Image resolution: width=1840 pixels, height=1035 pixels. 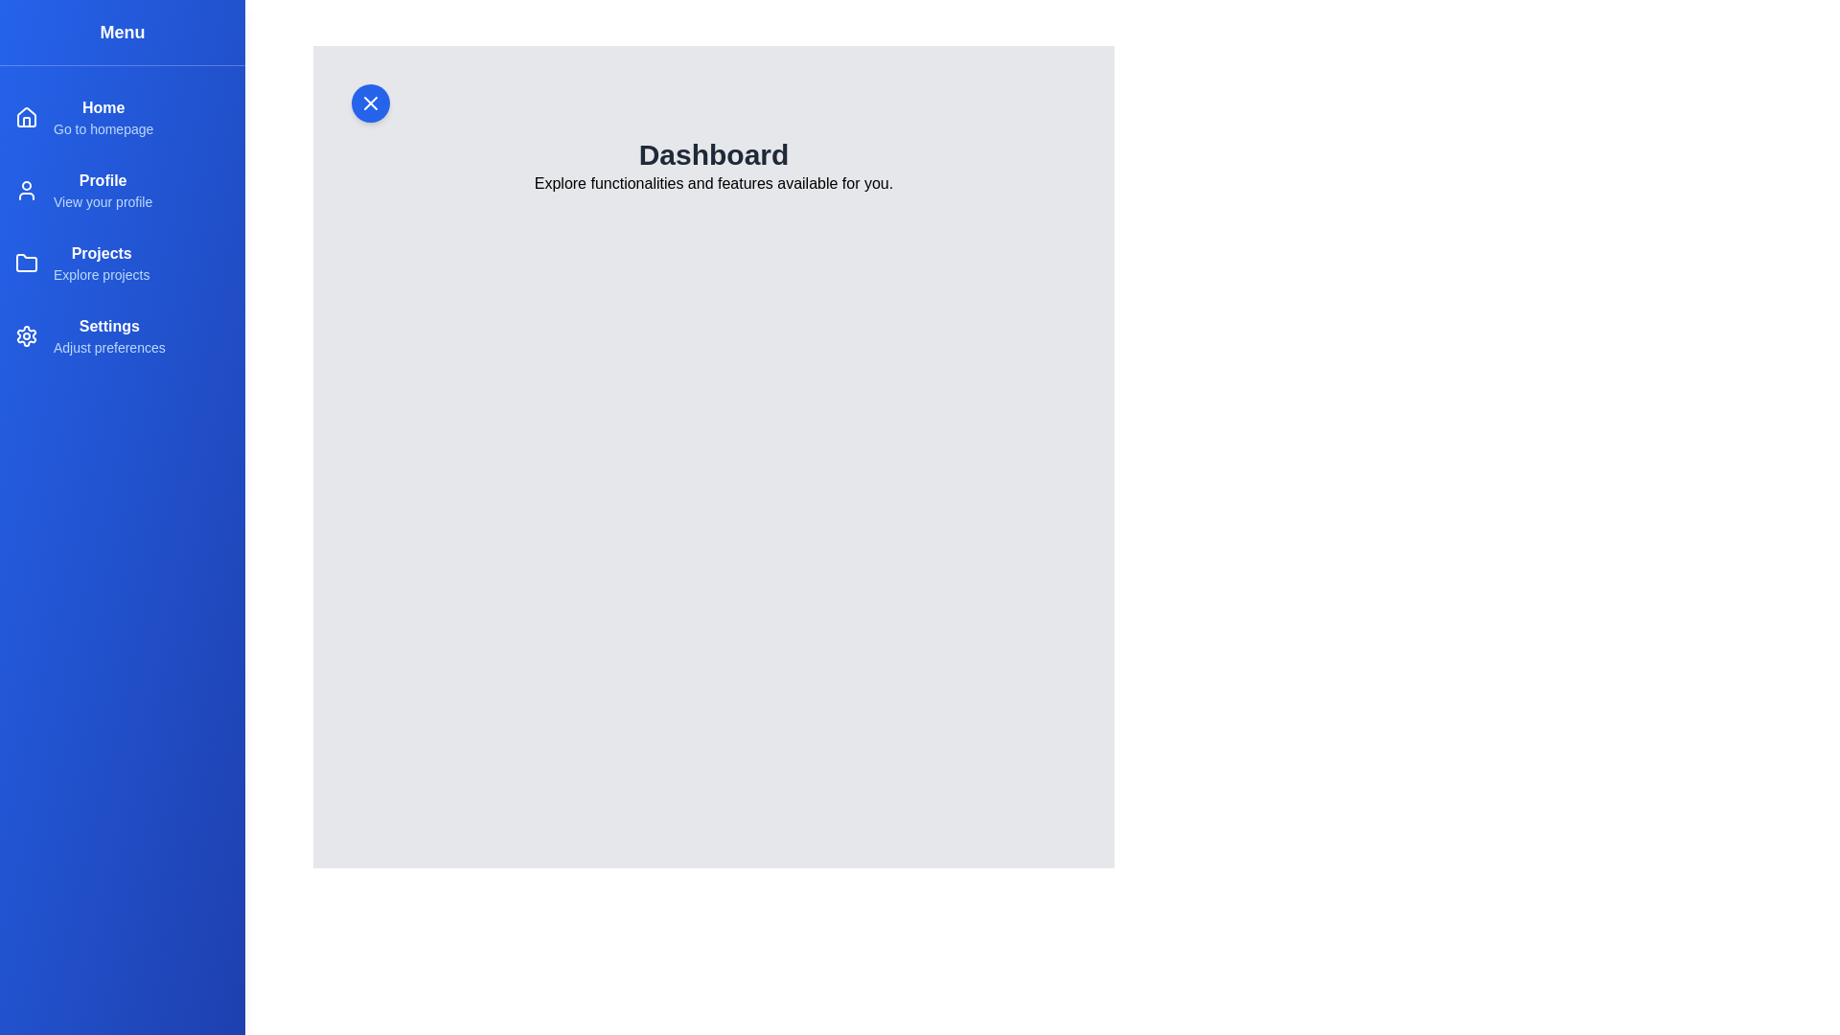 What do you see at coordinates (122, 263) in the screenshot?
I see `the menu item Projects to view its description` at bounding box center [122, 263].